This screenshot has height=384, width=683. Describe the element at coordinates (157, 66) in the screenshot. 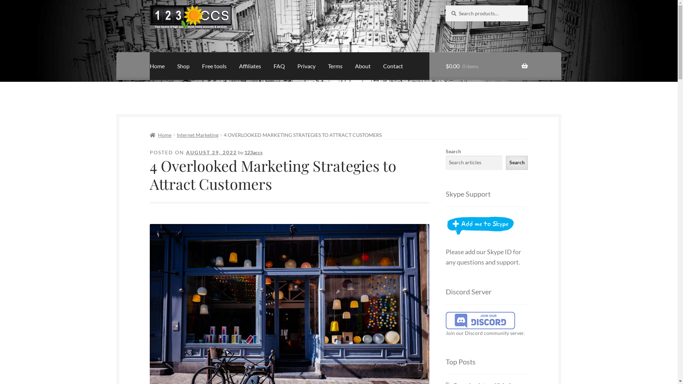

I see `'Home'` at that location.